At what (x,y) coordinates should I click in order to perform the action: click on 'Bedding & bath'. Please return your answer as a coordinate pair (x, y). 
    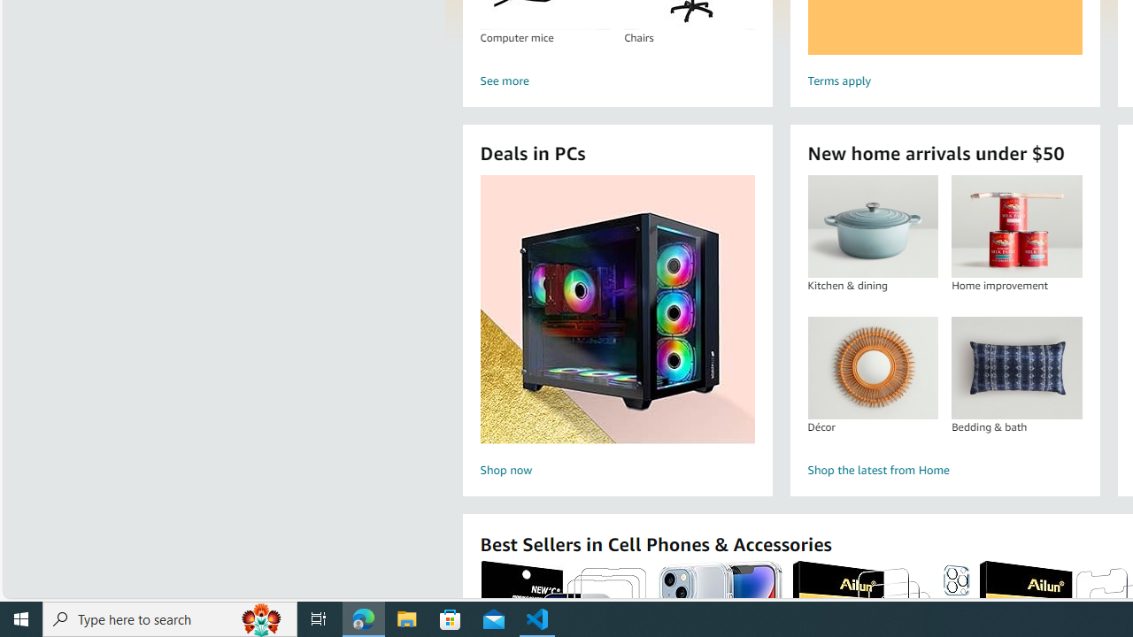
    Looking at the image, I should click on (1016, 366).